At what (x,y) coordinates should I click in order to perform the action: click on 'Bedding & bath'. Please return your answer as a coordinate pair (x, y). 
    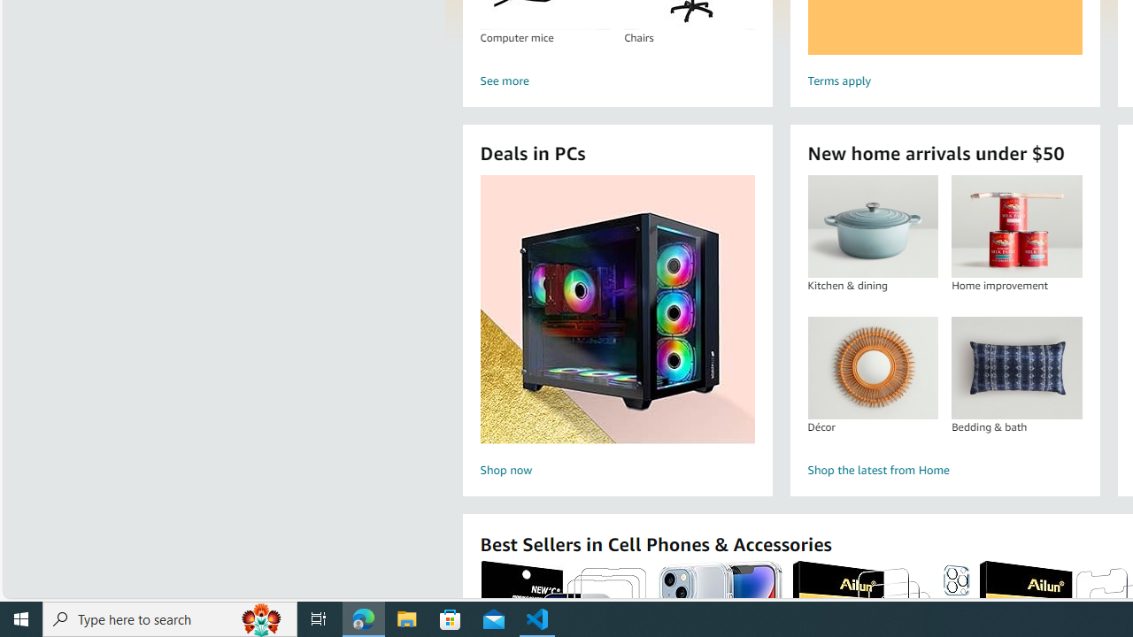
    Looking at the image, I should click on (1016, 366).